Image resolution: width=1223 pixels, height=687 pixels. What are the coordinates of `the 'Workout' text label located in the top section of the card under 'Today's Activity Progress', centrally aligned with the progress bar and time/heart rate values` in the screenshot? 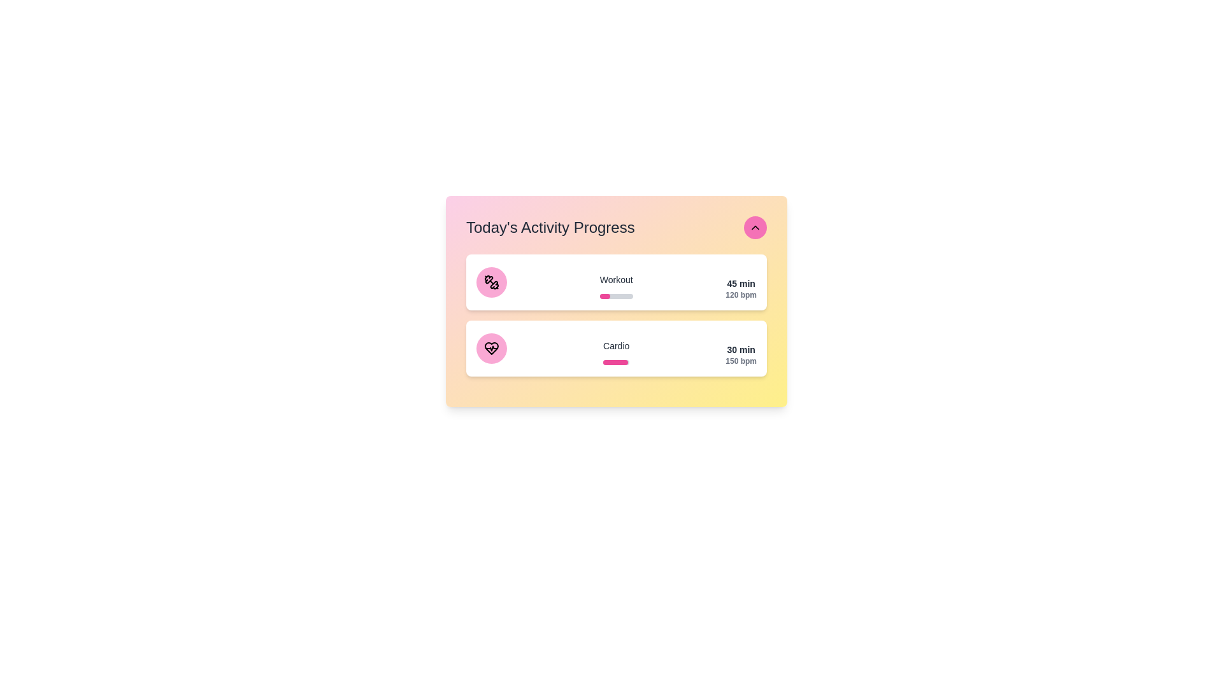 It's located at (616, 279).